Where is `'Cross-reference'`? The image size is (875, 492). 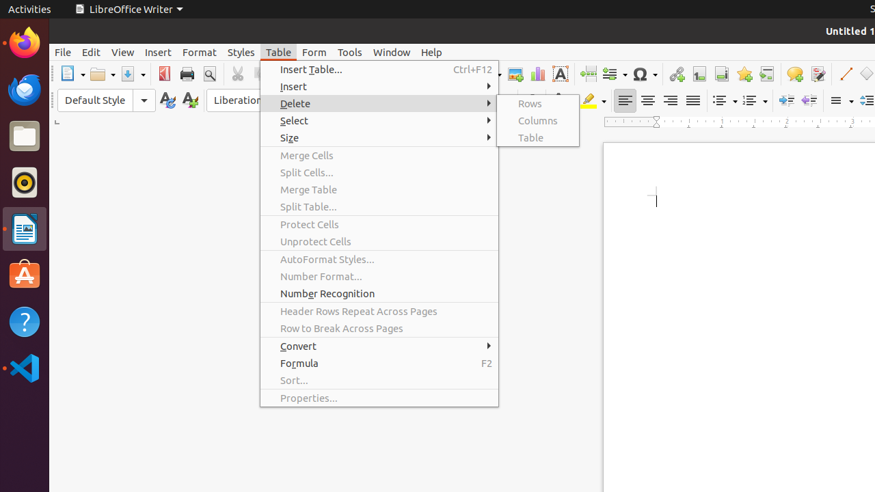
'Cross-reference' is located at coordinates (766, 74).